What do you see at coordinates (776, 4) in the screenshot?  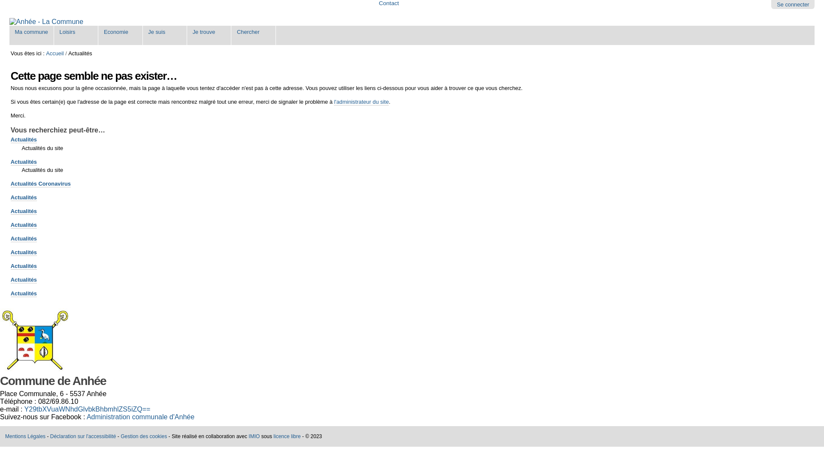 I see `'Se connecter'` at bounding box center [776, 4].